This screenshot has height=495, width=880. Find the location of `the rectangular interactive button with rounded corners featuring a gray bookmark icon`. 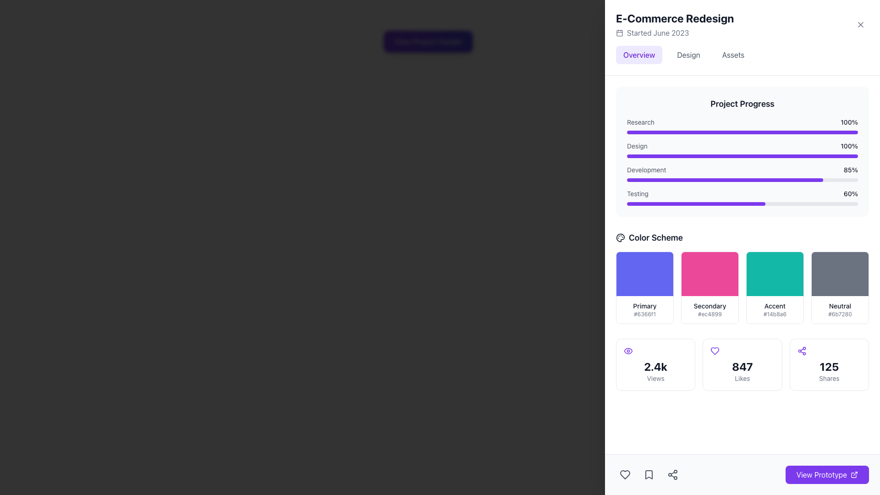

the rectangular interactive button with rounded corners featuring a gray bookmark icon is located at coordinates (649, 474).